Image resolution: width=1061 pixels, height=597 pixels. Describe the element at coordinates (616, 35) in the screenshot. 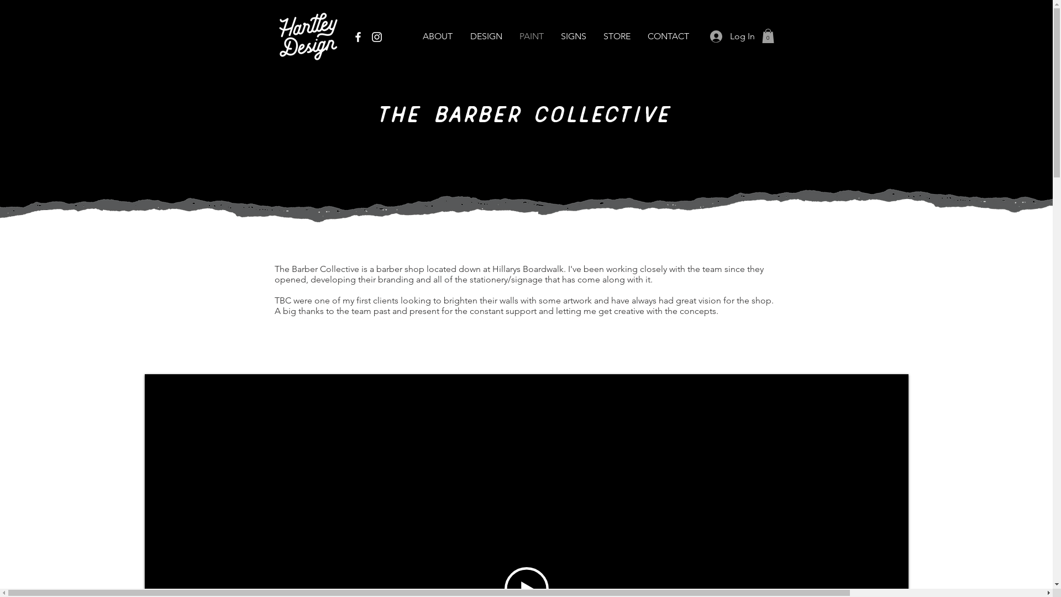

I see `'STORE'` at that location.